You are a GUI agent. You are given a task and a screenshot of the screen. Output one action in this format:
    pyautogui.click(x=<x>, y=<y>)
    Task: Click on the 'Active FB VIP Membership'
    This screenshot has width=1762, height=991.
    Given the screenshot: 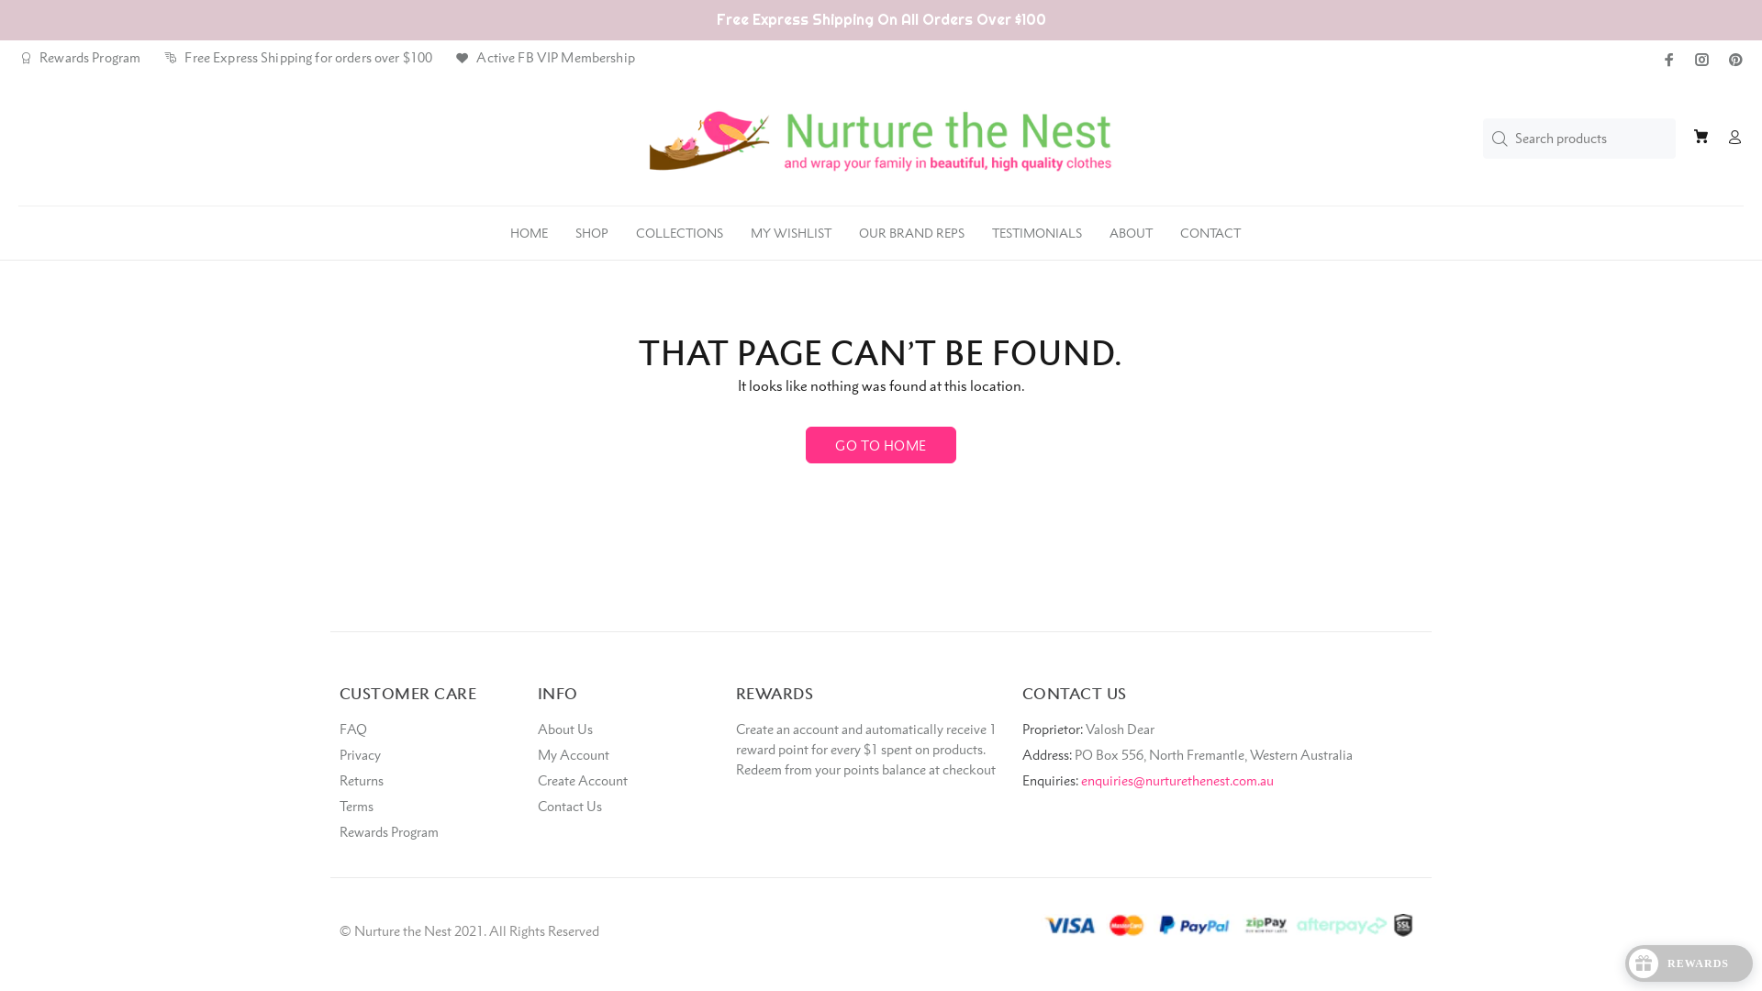 What is the action you would take?
    pyautogui.click(x=544, y=56)
    